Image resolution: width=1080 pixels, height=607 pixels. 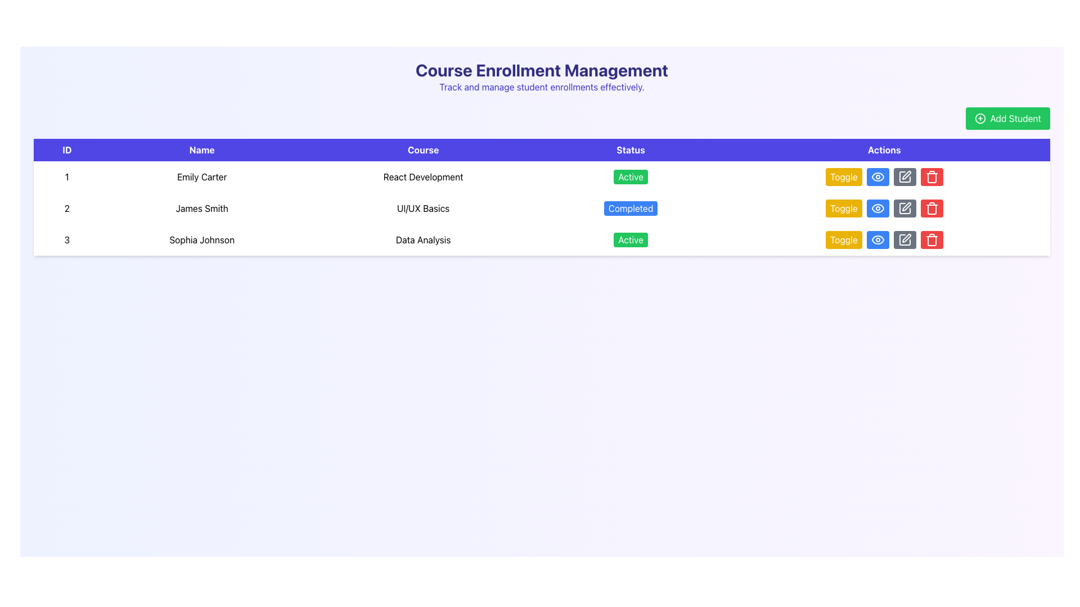 What do you see at coordinates (906, 175) in the screenshot?
I see `the angled pen icon representing editing functionality in the Actions column for user 'James Smith' (ID 2)` at bounding box center [906, 175].